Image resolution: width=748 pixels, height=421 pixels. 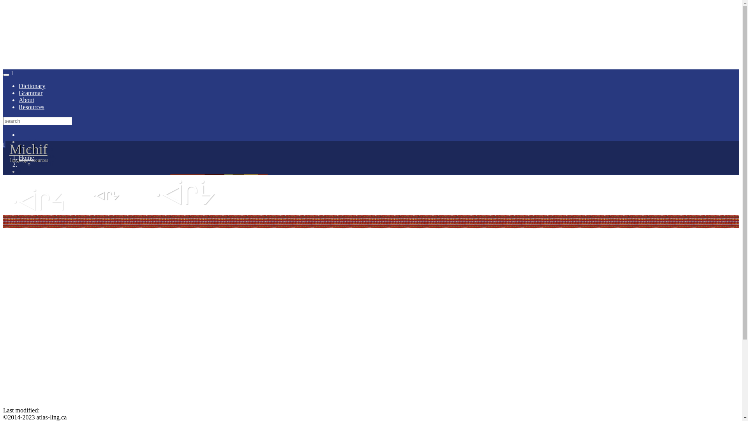 What do you see at coordinates (44, 163) in the screenshot?
I see `'Michif'` at bounding box center [44, 163].